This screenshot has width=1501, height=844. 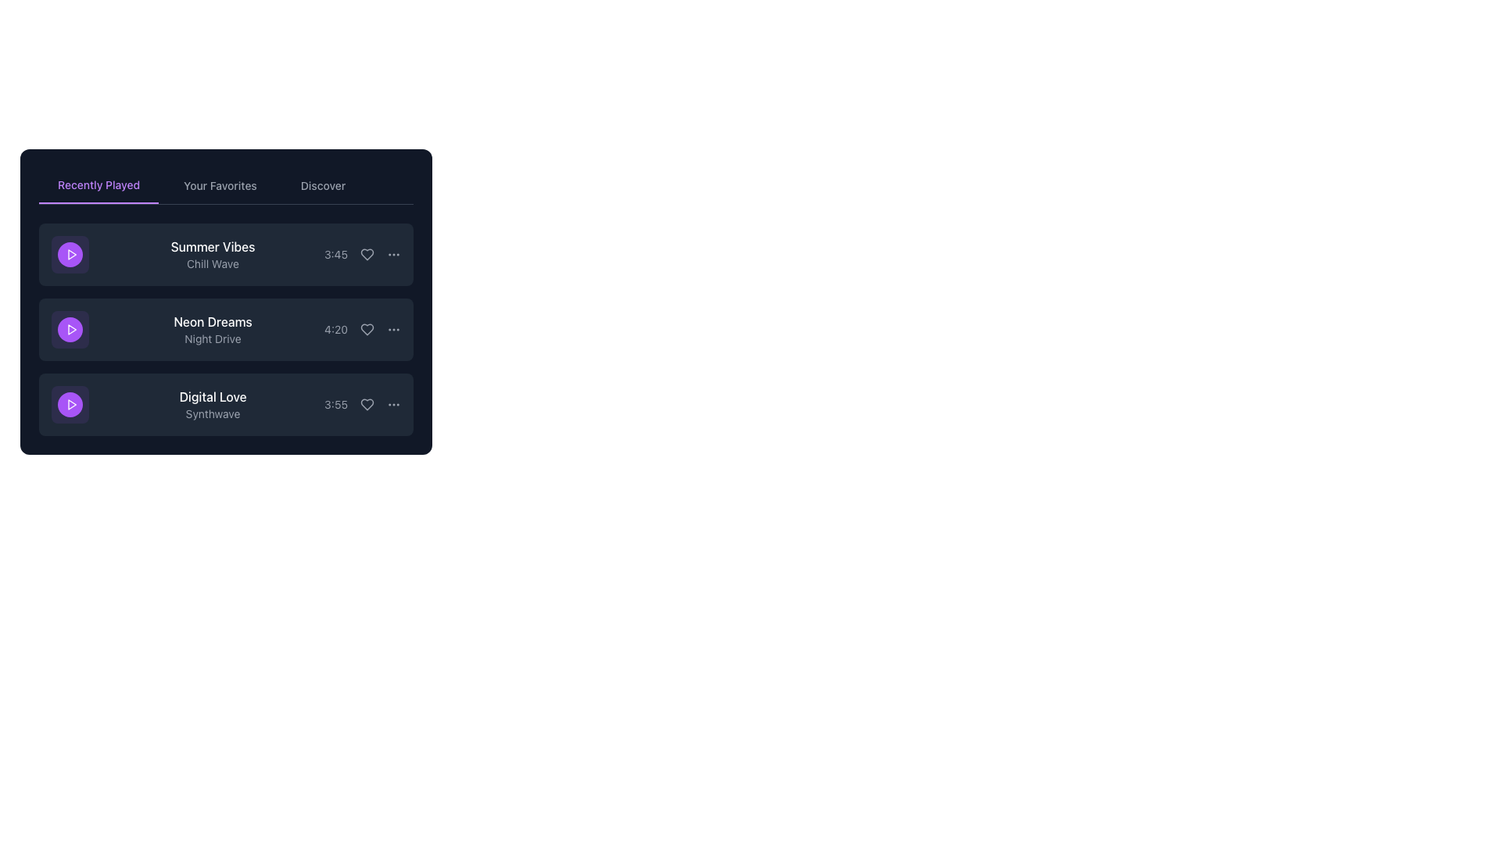 What do you see at coordinates (70, 254) in the screenshot?
I see `the play button for the track 'Summer Vibes' located` at bounding box center [70, 254].